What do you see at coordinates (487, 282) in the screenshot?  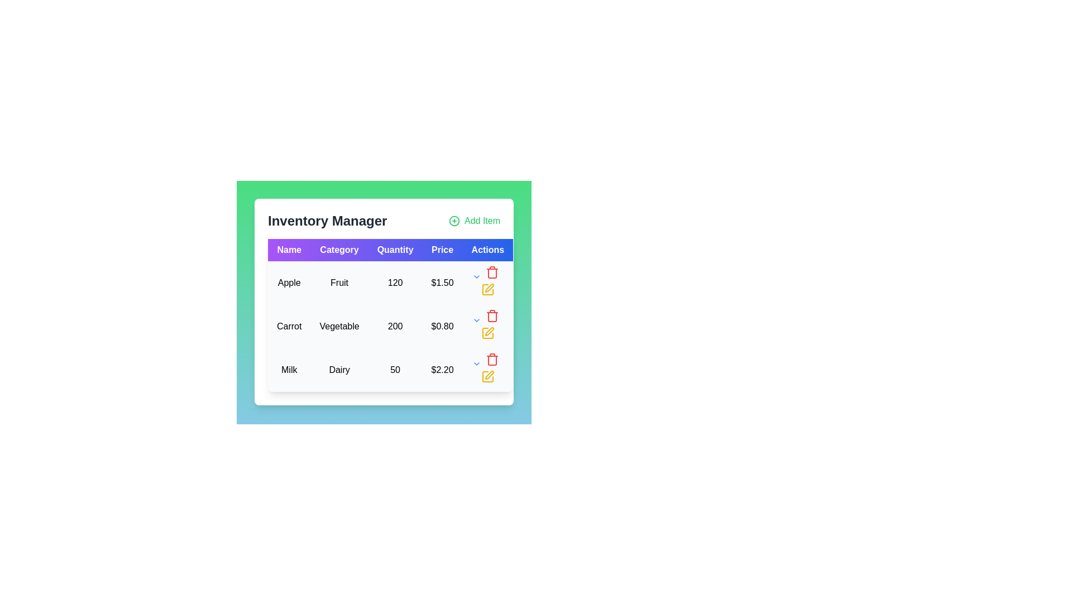 I see `the edit icon button in the 'Actions' column of the first row` at bounding box center [487, 282].